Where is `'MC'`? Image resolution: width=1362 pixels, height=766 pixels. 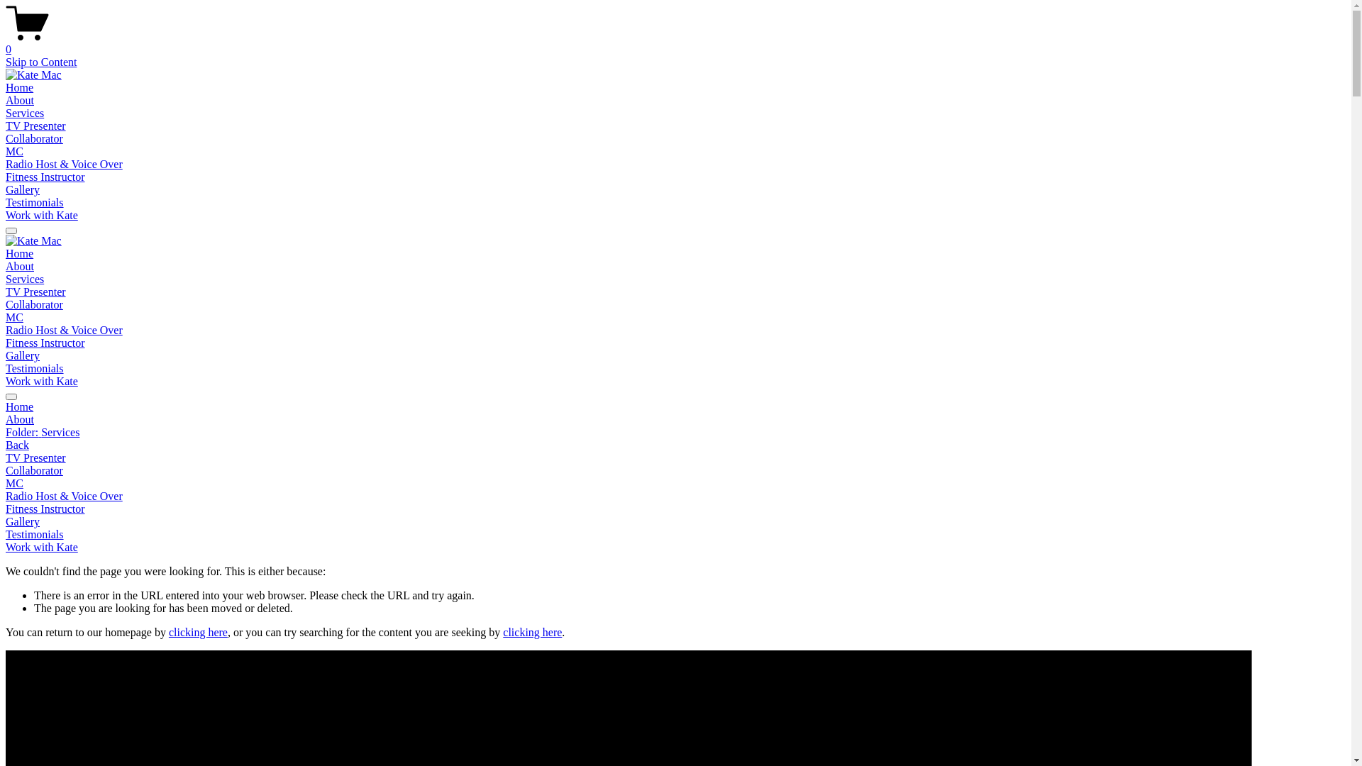 'MC' is located at coordinates (14, 151).